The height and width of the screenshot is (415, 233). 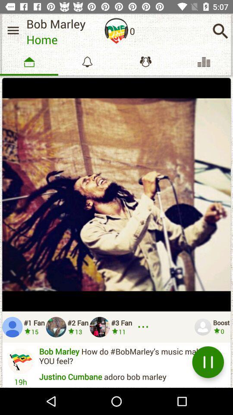 I want to click on the item next to ibrahim usman am icon, so click(x=208, y=362).